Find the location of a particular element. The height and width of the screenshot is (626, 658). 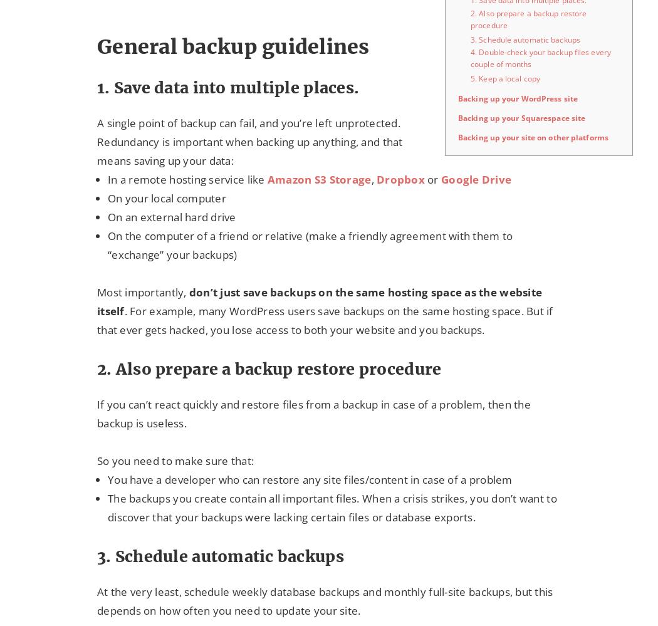

'So you need to make sure that:' is located at coordinates (97, 460).